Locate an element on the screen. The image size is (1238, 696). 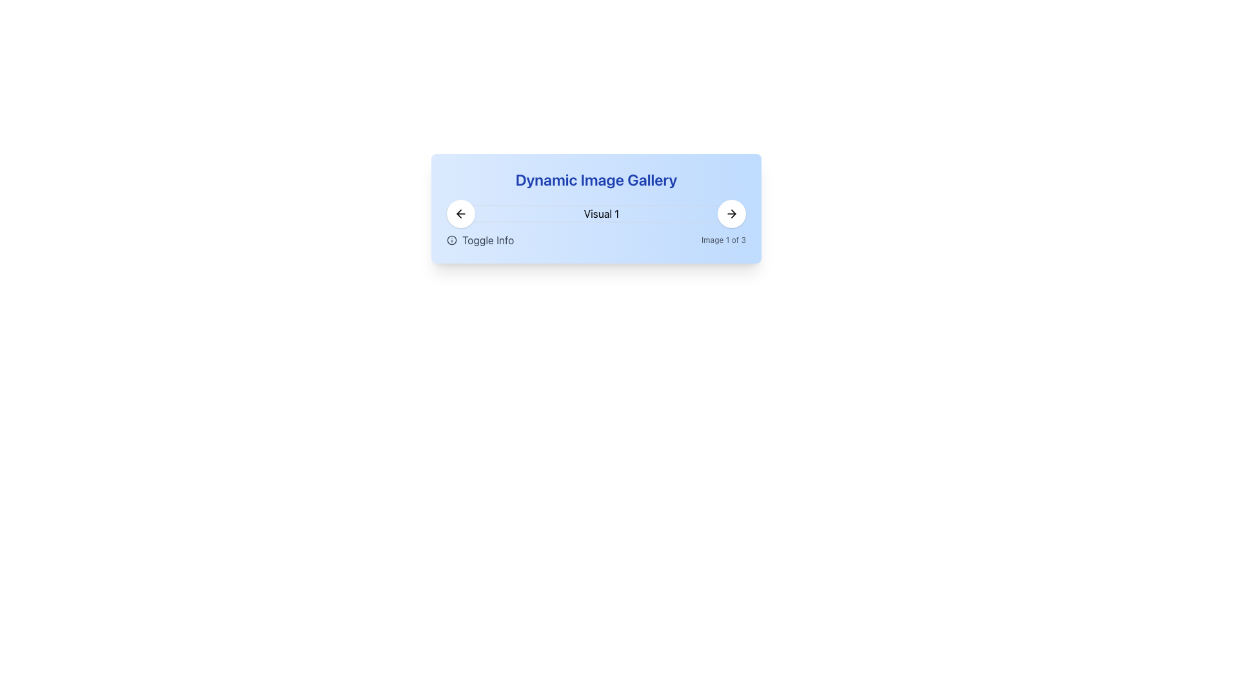
the rightmost circular navigation button icon for the carousel or gallery interface is located at coordinates (731, 213).